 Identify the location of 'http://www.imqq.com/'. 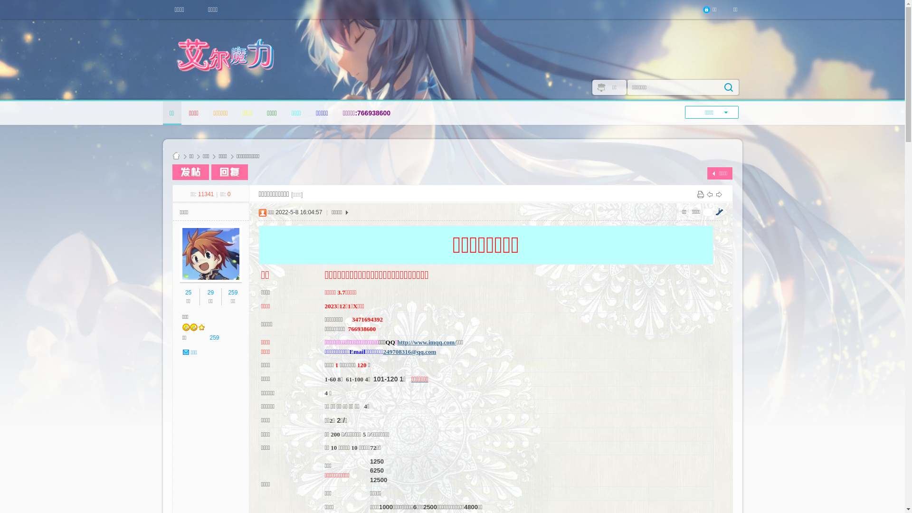
(426, 342).